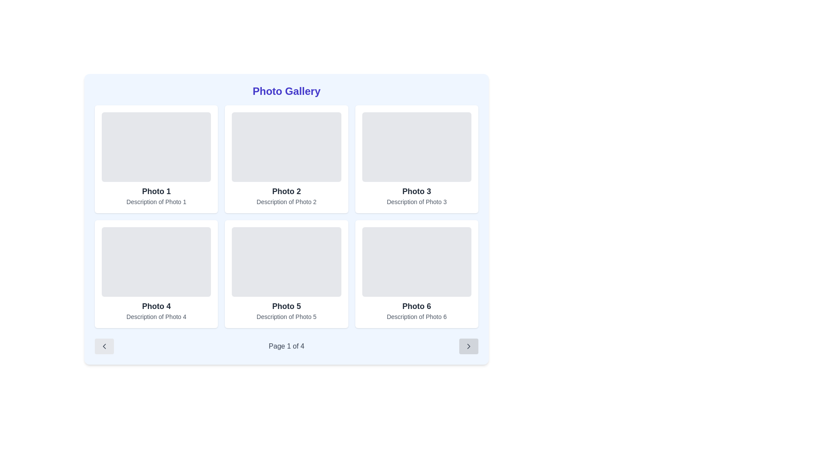 The height and width of the screenshot is (470, 835). Describe the element at coordinates (416, 261) in the screenshot. I see `the light gray rectangular placeholder with rounded corners located in the bottom-right cell of a 2x3 grid in the photo gallery layout` at that location.